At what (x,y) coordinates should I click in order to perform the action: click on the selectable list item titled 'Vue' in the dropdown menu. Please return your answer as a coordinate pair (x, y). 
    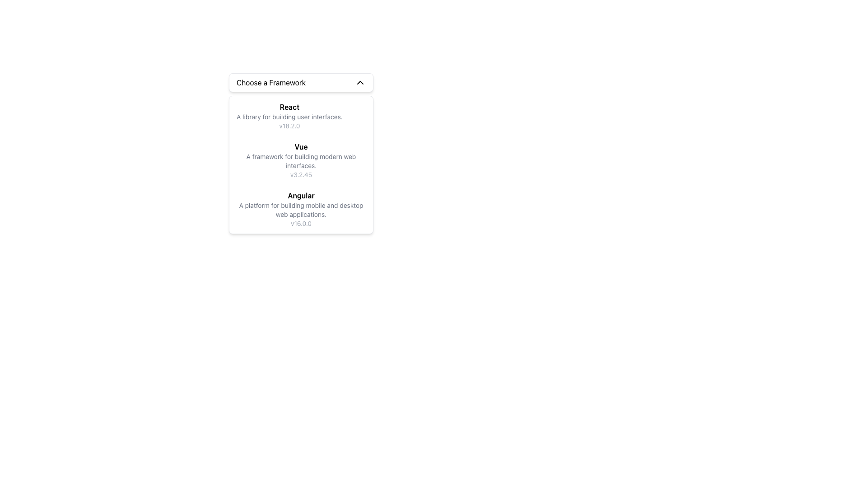
    Looking at the image, I should click on (301, 160).